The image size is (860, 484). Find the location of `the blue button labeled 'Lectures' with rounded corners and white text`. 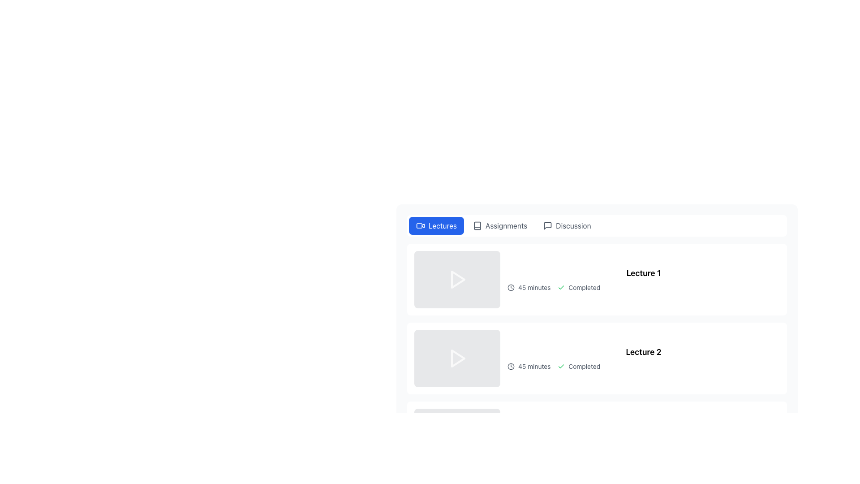

the blue button labeled 'Lectures' with rounded corners and white text is located at coordinates (436, 225).